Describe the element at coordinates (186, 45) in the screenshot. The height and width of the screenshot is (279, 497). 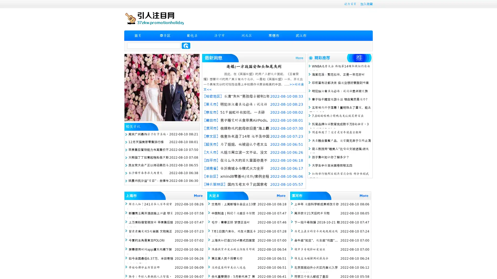
I see `Search` at that location.